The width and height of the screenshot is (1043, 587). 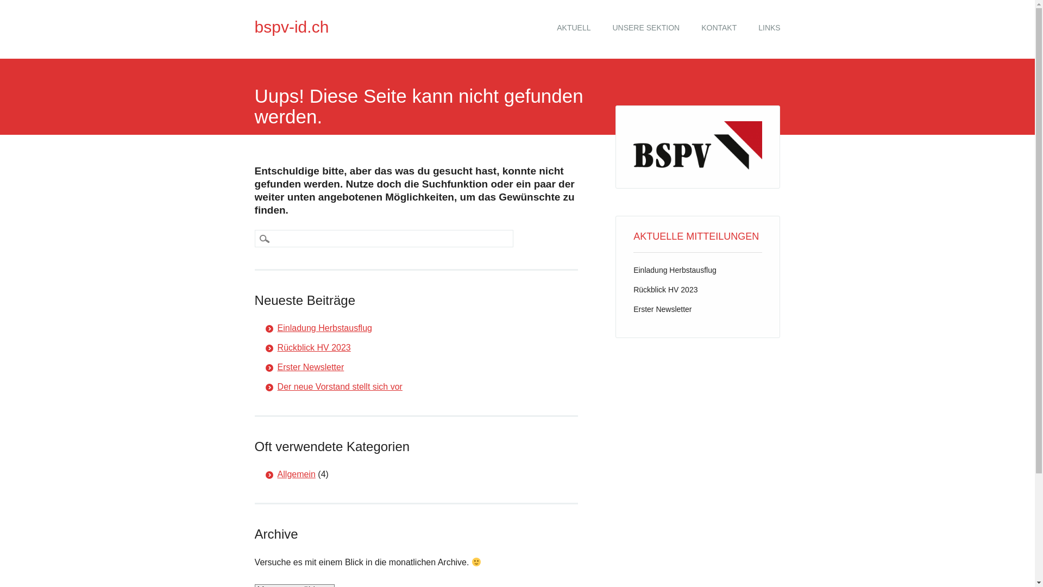 What do you see at coordinates (690, 27) in the screenshot?
I see `'KONTAKT'` at bounding box center [690, 27].